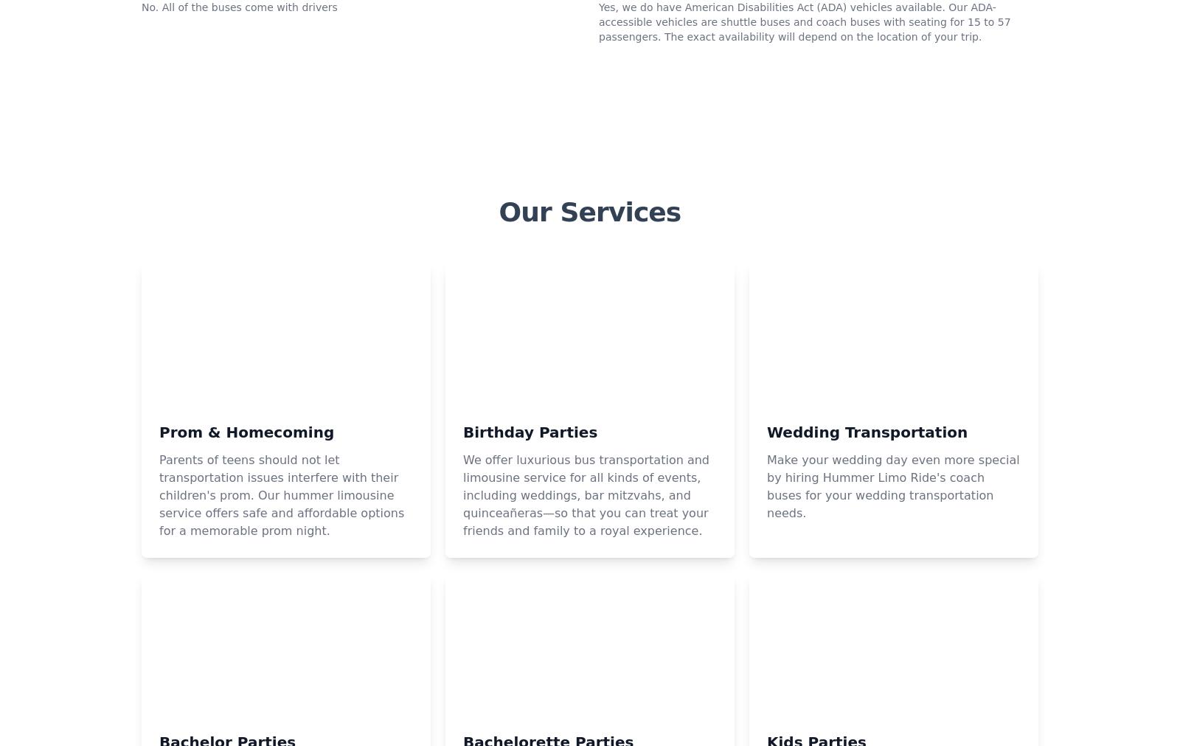 This screenshot has height=746, width=1180. Describe the element at coordinates (239, 204) in the screenshot. I see `'No. All of the buses come with drivers'` at that location.